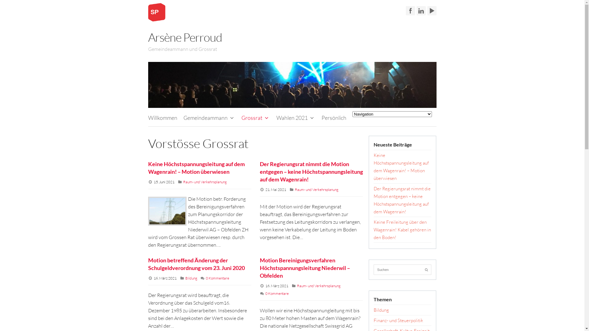  What do you see at coordinates (431, 10) in the screenshot?
I see `'youtube'` at bounding box center [431, 10].